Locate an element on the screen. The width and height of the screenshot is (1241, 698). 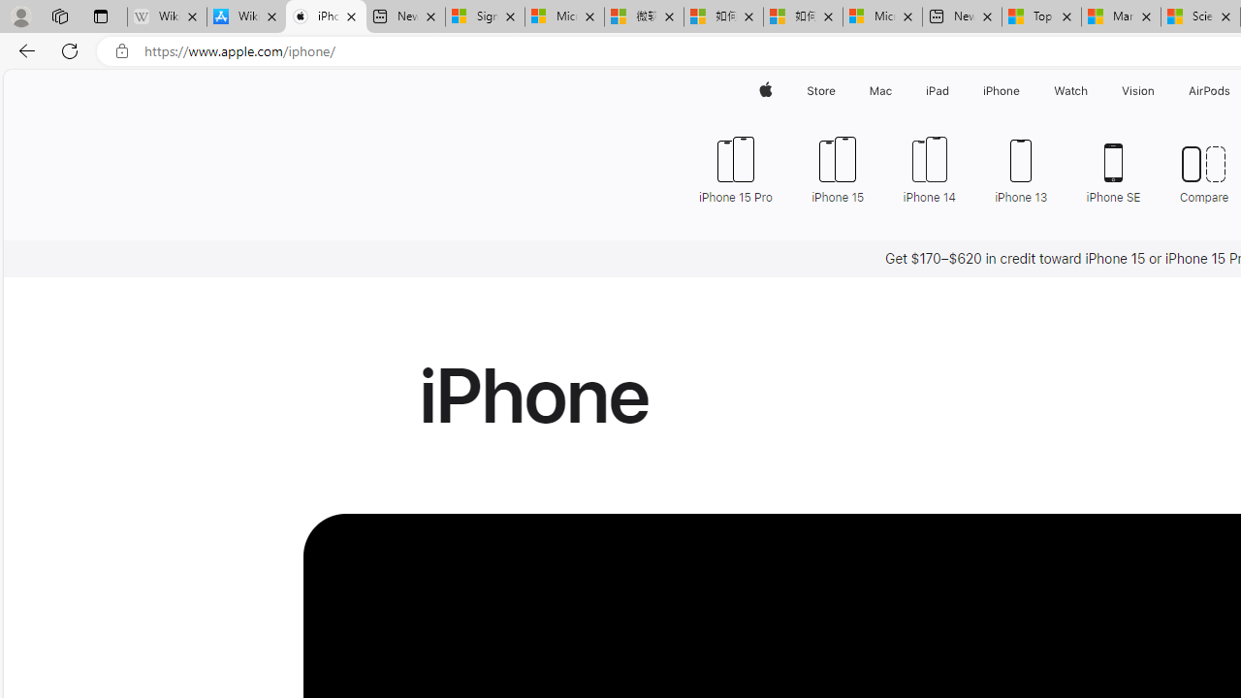
'Apple' is located at coordinates (764, 90).